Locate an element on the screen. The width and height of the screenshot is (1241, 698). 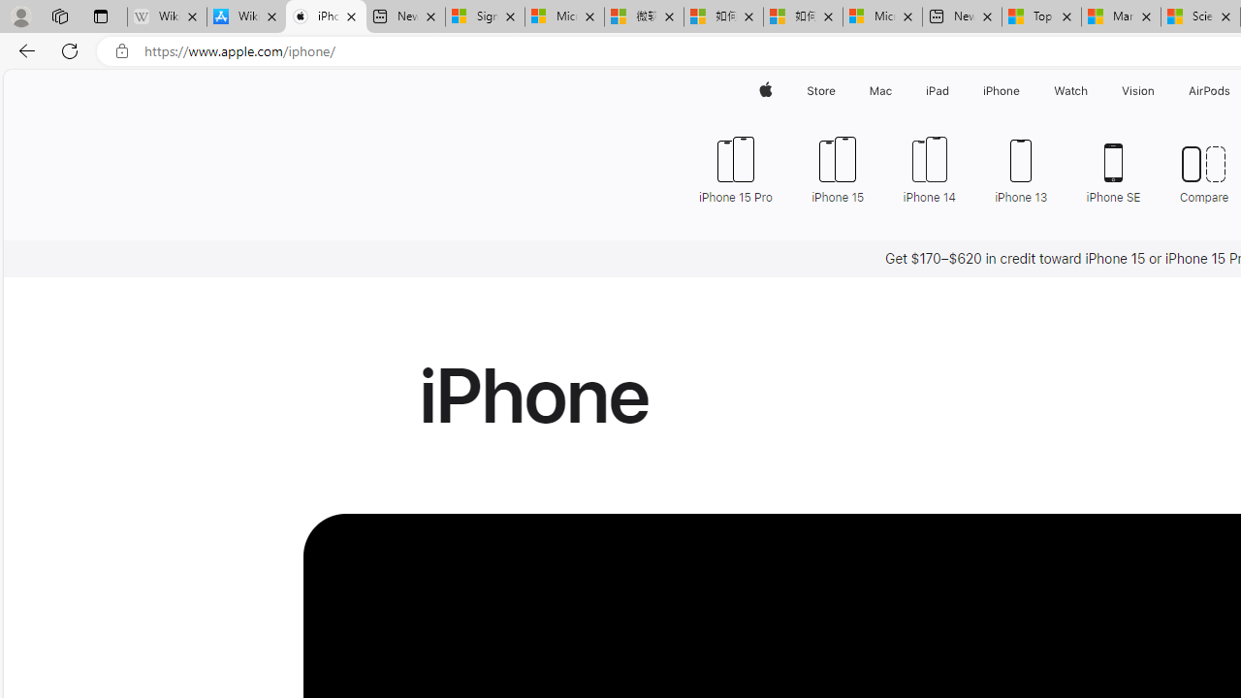
'Apple' is located at coordinates (764, 90).